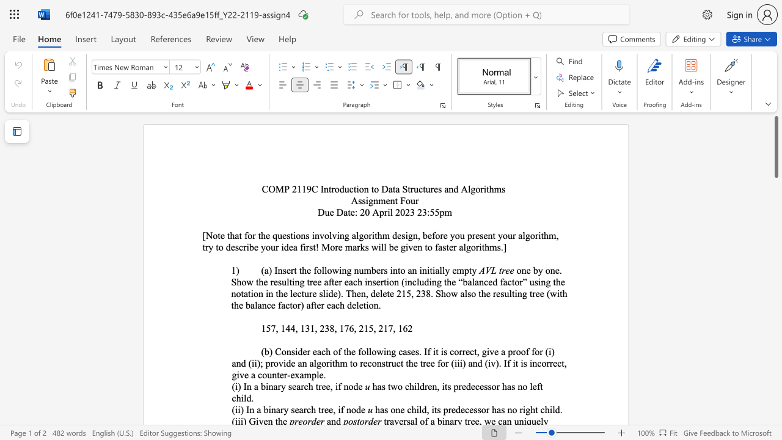 This screenshot has width=782, height=440. What do you see at coordinates (481, 386) in the screenshot?
I see `the 4th character "e" in the text` at bounding box center [481, 386].